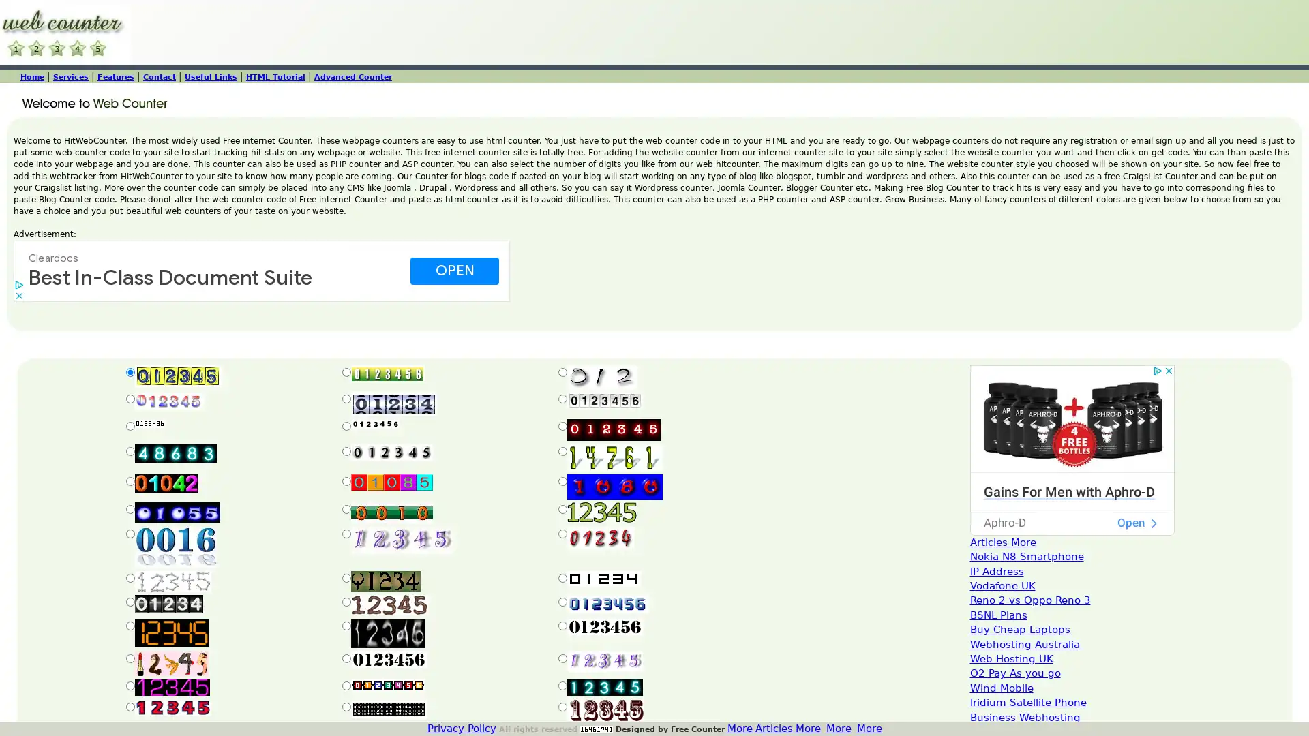 Image resolution: width=1309 pixels, height=736 pixels. I want to click on Submit, so click(170, 662).